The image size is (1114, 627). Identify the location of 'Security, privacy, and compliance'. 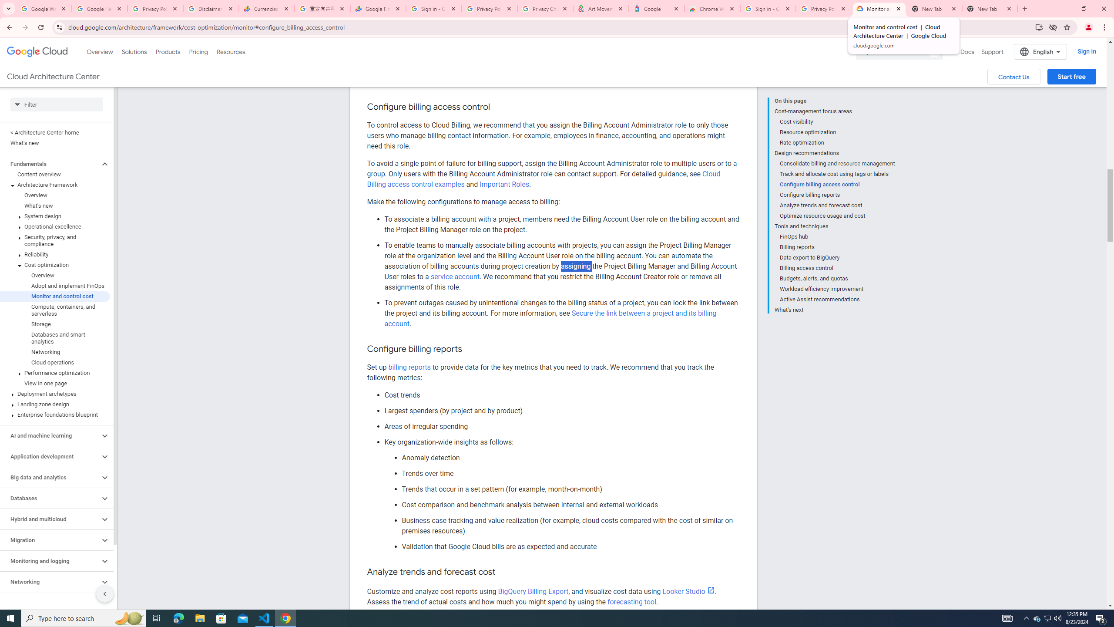
(55, 240).